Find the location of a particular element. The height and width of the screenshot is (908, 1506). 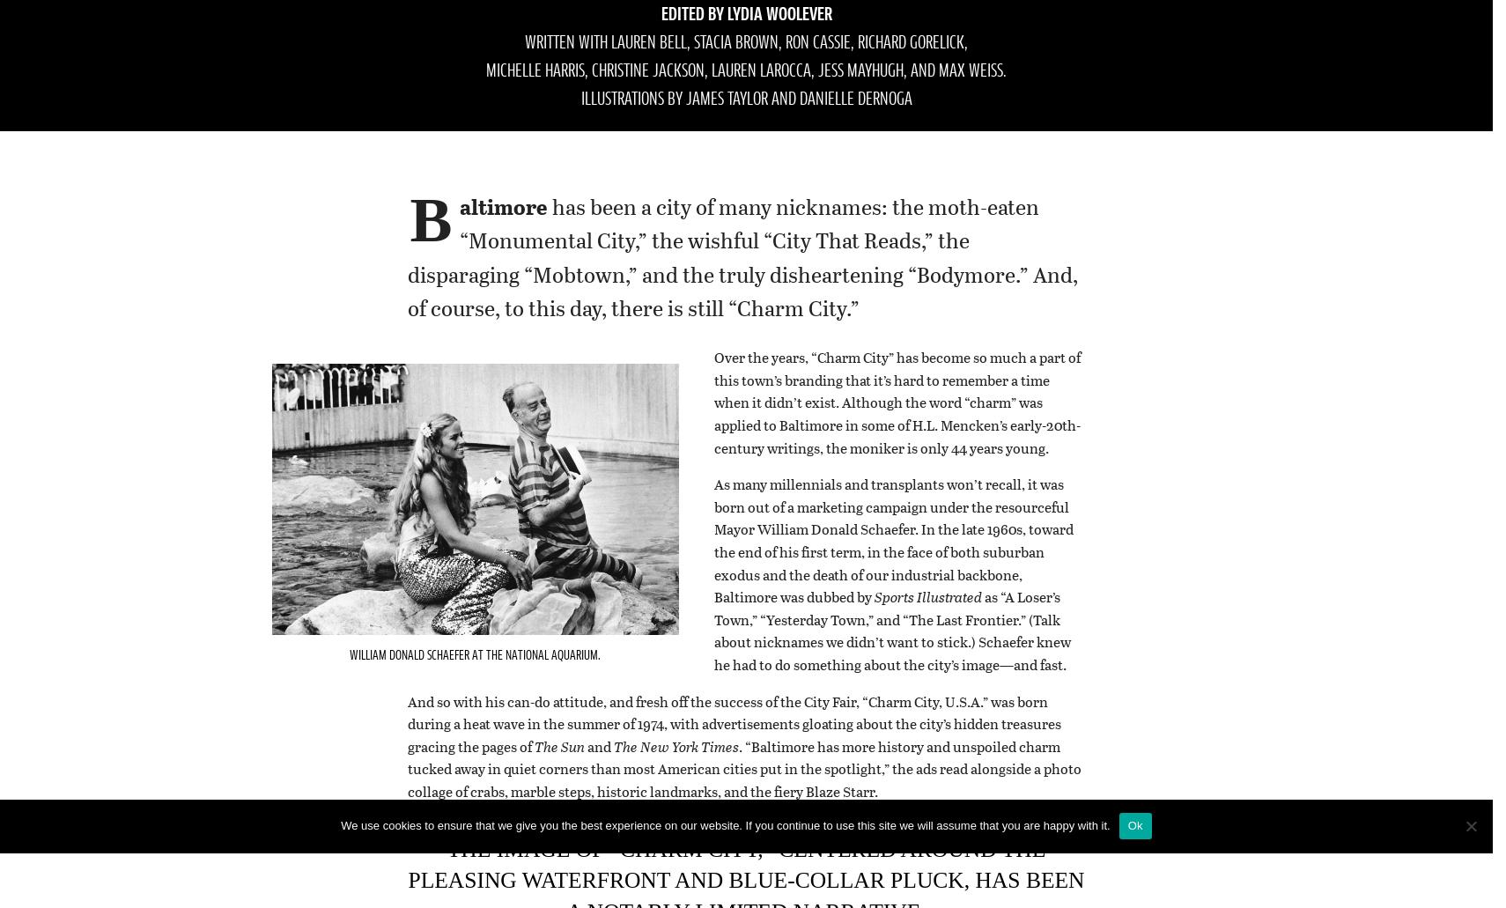

'Michelle Harris, Christine Jackson, Lauren LaRocca, Jess Mayhugh, and Max Weiss.' is located at coordinates (746, 70).